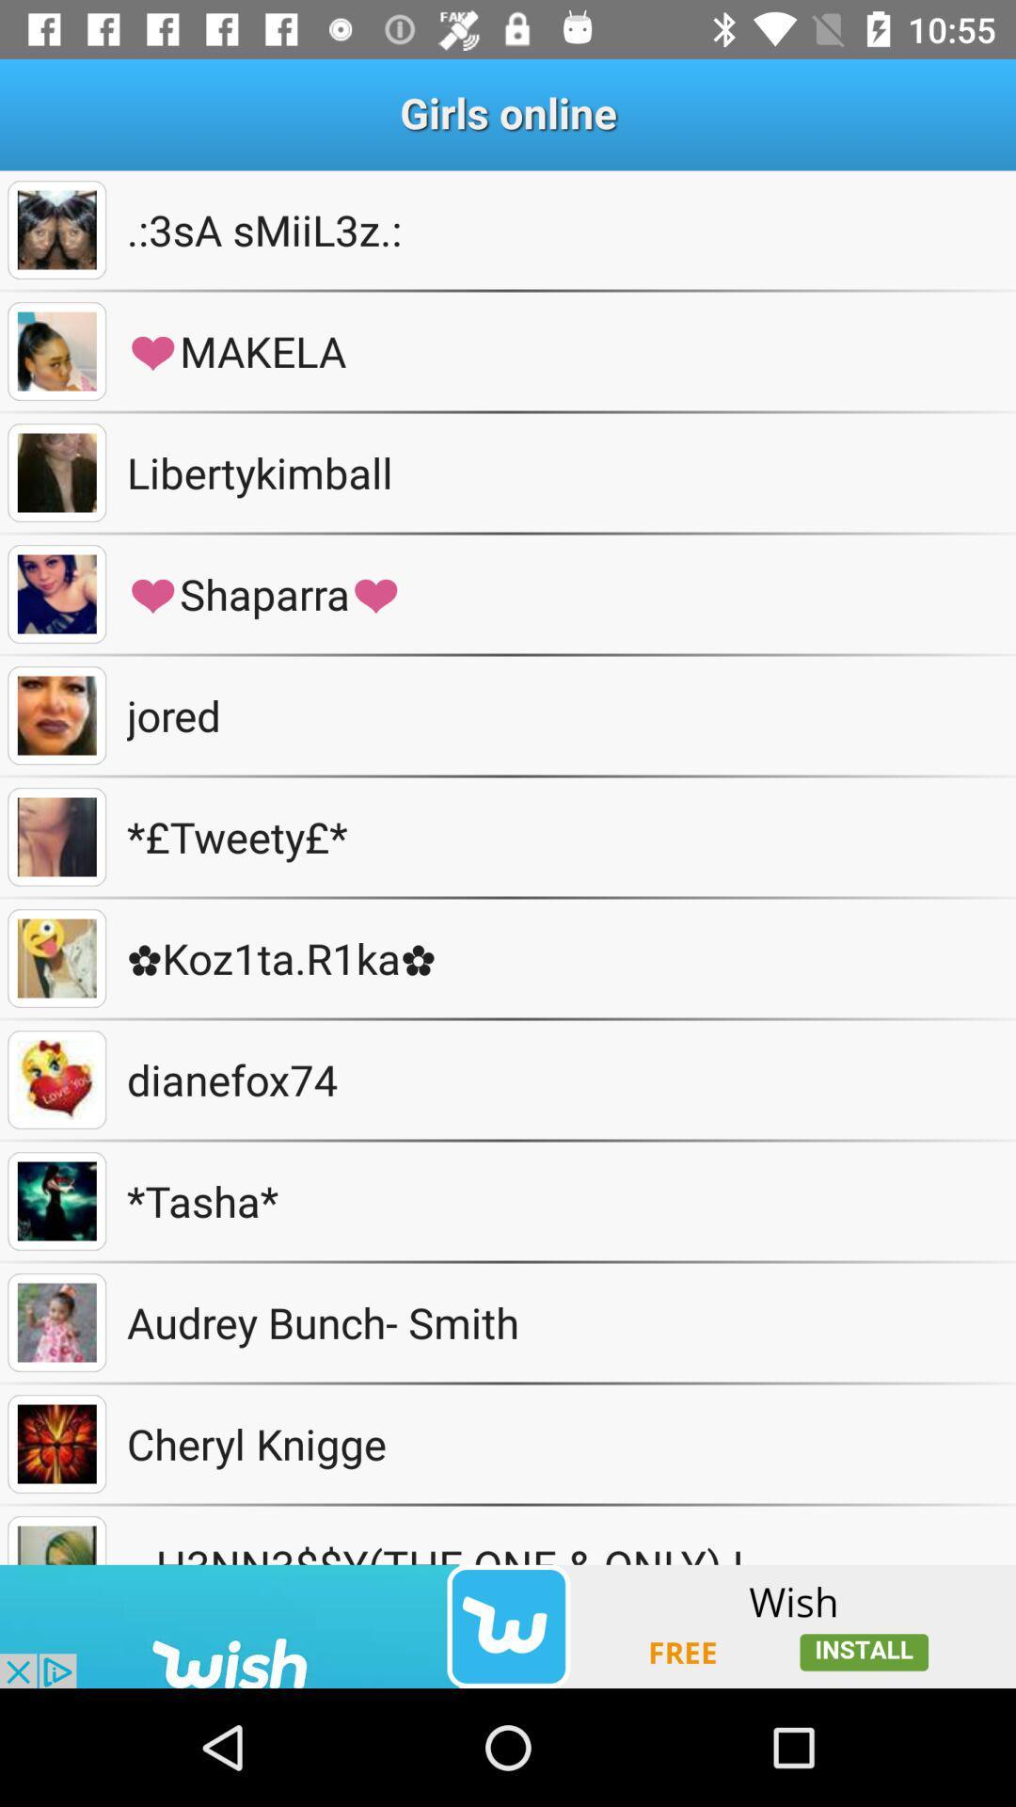 The height and width of the screenshot is (1807, 1016). What do you see at coordinates (56, 714) in the screenshot?
I see `image page` at bounding box center [56, 714].